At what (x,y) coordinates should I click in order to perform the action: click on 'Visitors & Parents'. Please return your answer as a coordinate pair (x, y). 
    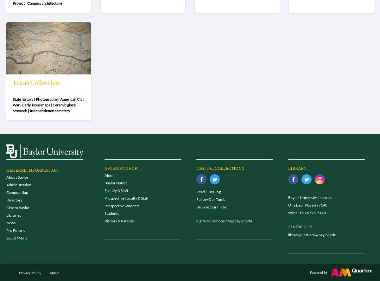
    Looking at the image, I should click on (119, 221).